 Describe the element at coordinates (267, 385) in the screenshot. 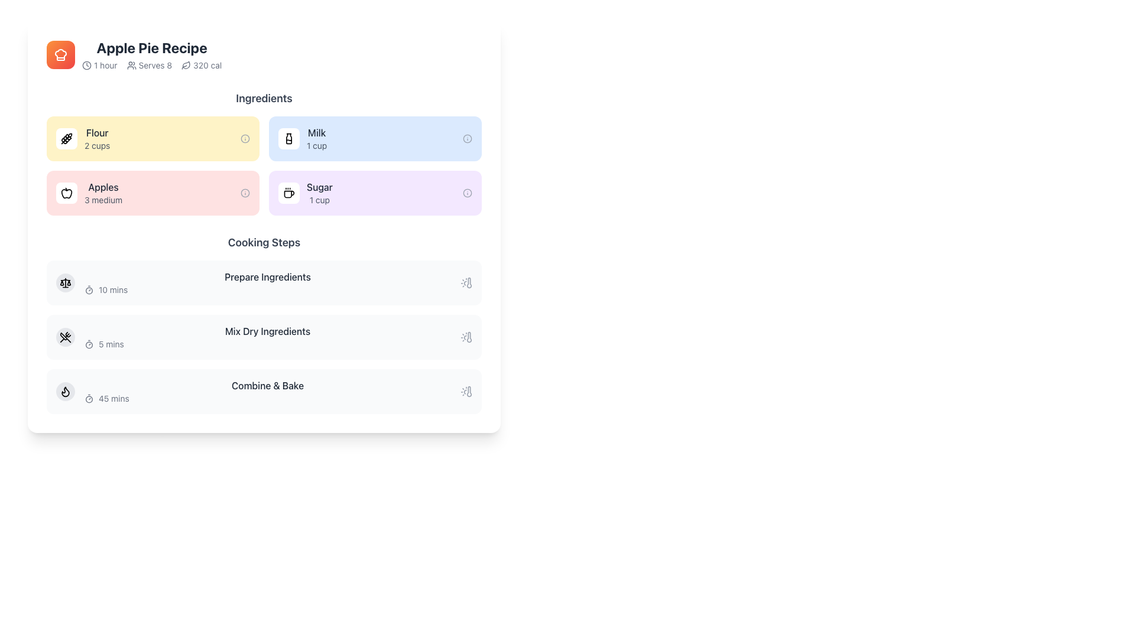

I see `the title label for the cooking step, which is centered within the third cooking step item, positioned below 'Mix Dry Ingredients' and above the '45 mins' icon and text` at that location.